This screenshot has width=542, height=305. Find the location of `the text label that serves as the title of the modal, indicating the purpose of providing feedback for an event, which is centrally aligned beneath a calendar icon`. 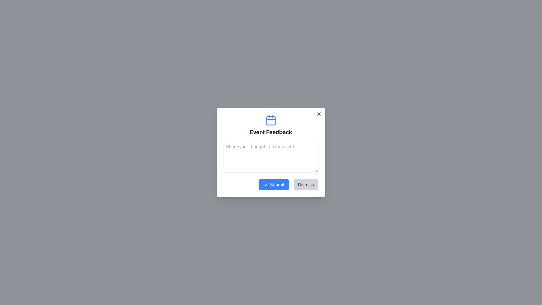

the text label that serves as the title of the modal, indicating the purpose of providing feedback for an event, which is centrally aligned beneath a calendar icon is located at coordinates (271, 132).